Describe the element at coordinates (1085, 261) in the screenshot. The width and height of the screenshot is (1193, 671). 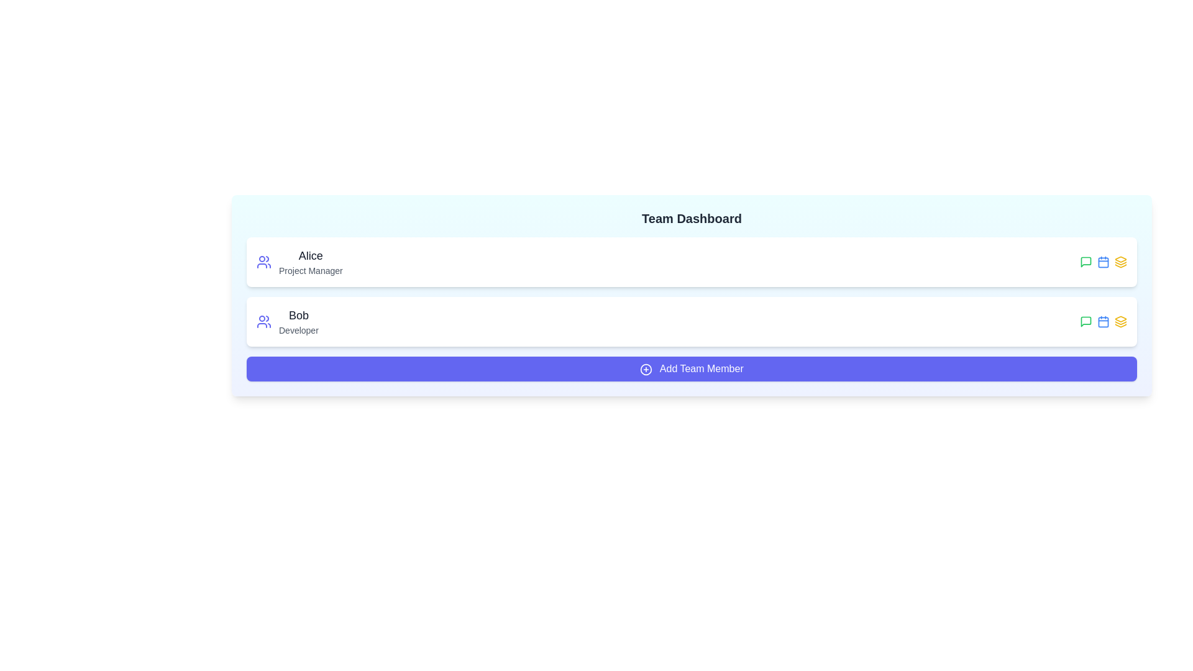
I see `the green outline square icon with a speech bubble shape, which is the first icon in the vertical list of action icons for 'Bob - Developer'` at that location.